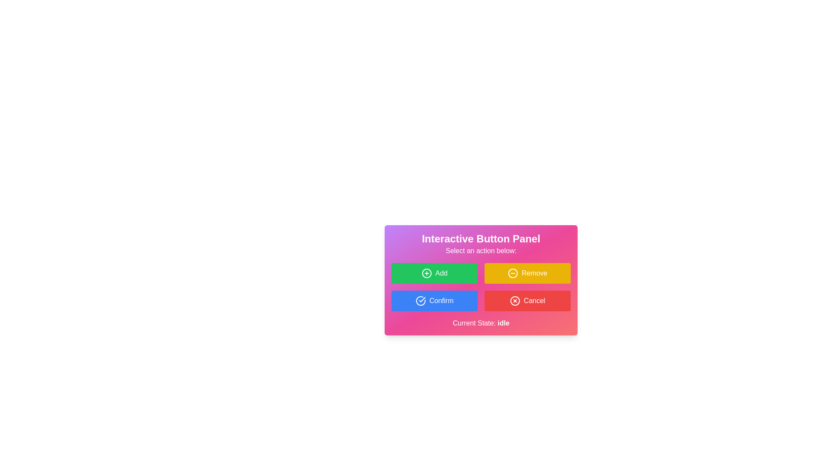  I want to click on the 'Confirm' button, which has a blue background, white text, and a checkmark icon, to confirm the action, so click(434, 300).